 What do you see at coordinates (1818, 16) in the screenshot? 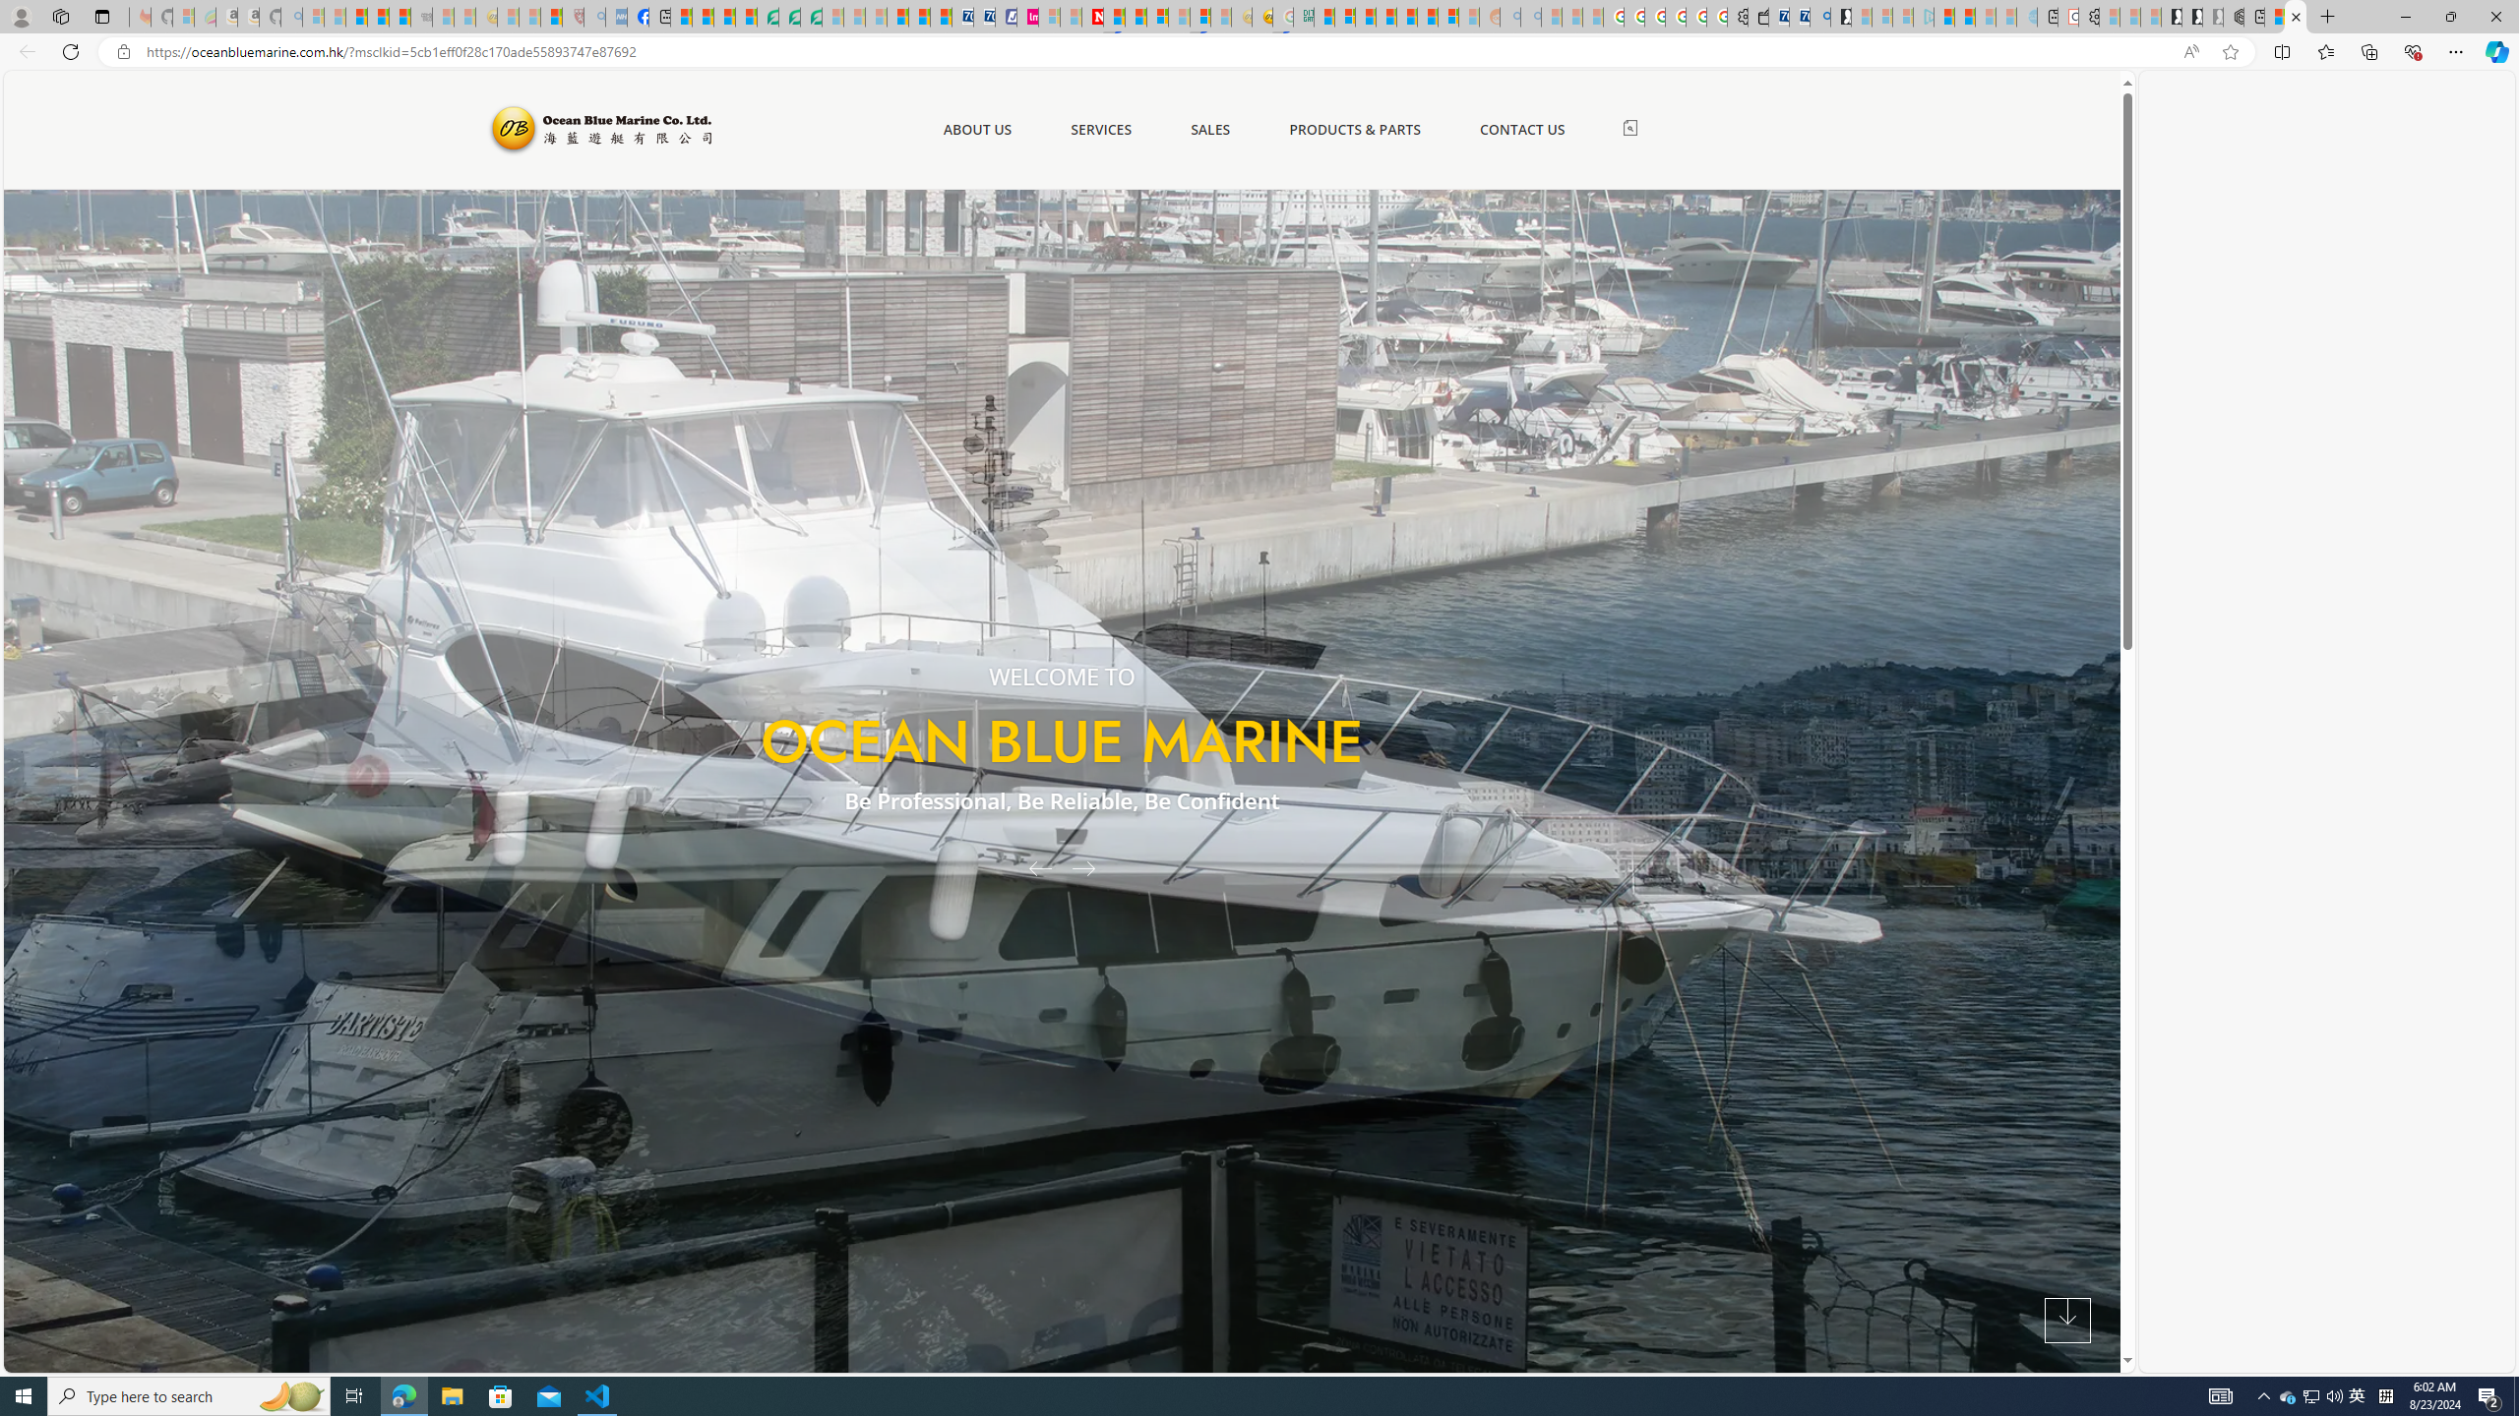
I see `'Bing Real Estate - Home sales and rental listings'` at bounding box center [1818, 16].